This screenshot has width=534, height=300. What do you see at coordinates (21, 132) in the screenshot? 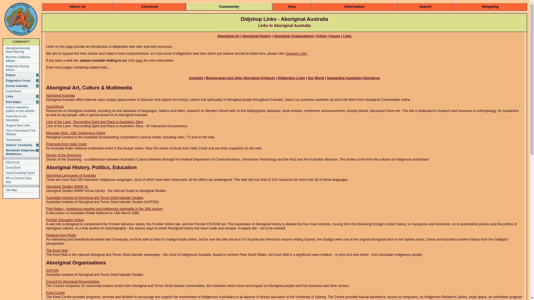
I see `'Tell a Friend About This Website'` at bounding box center [21, 132].